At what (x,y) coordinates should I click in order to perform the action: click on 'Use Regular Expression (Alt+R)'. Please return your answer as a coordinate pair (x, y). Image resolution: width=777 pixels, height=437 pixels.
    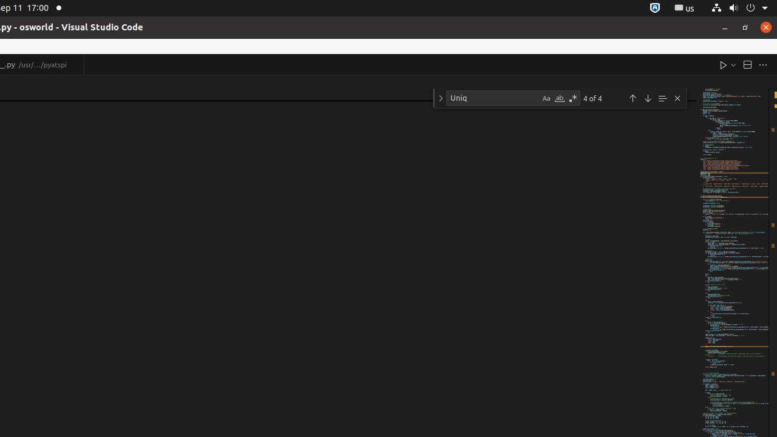
    Looking at the image, I should click on (572, 98).